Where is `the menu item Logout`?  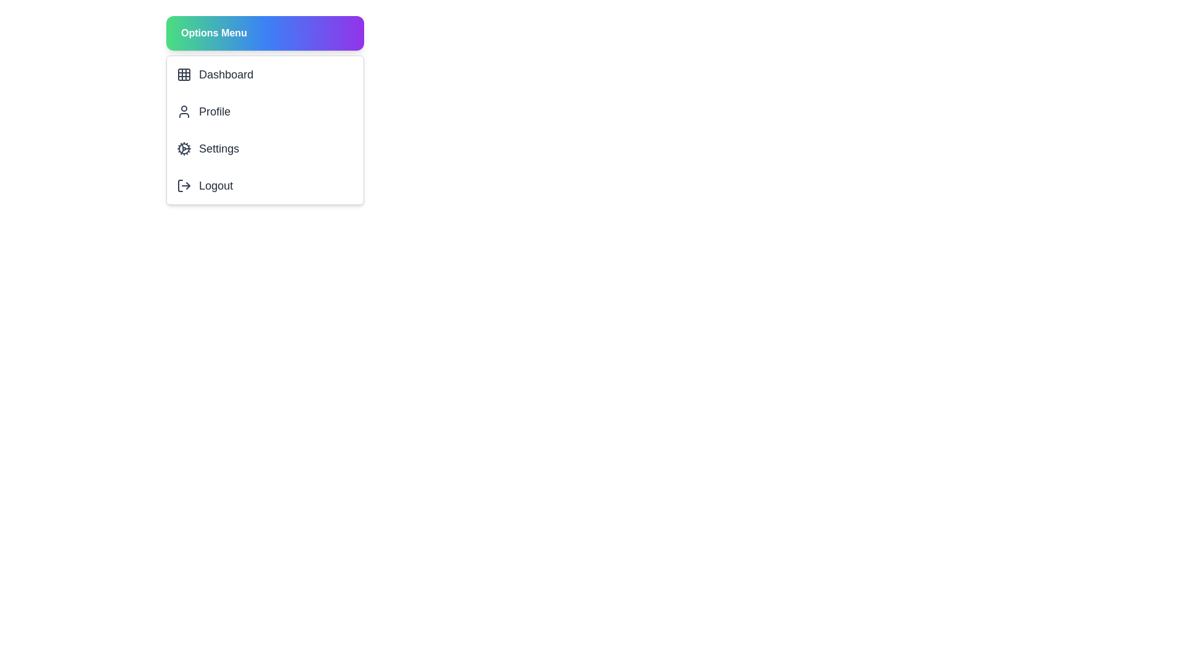 the menu item Logout is located at coordinates (264, 185).